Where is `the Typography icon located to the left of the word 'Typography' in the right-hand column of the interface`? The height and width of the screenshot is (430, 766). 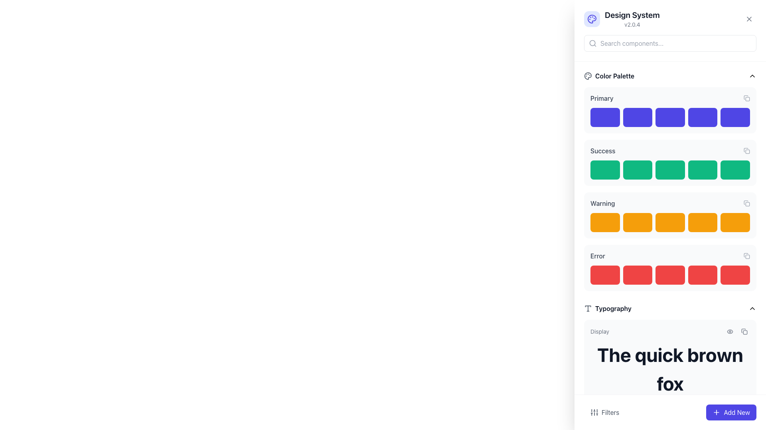
the Typography icon located to the left of the word 'Typography' in the right-hand column of the interface is located at coordinates (588, 308).